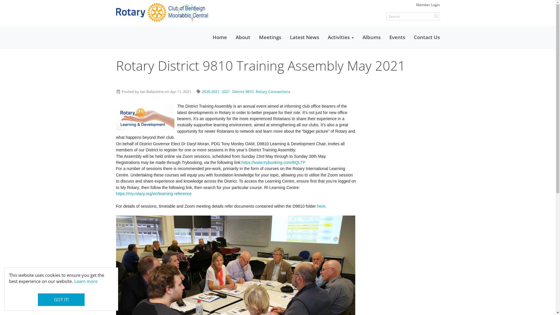 The image size is (560, 315). Describe the element at coordinates (61, 300) in the screenshot. I see `'GOT IT!'` at that location.